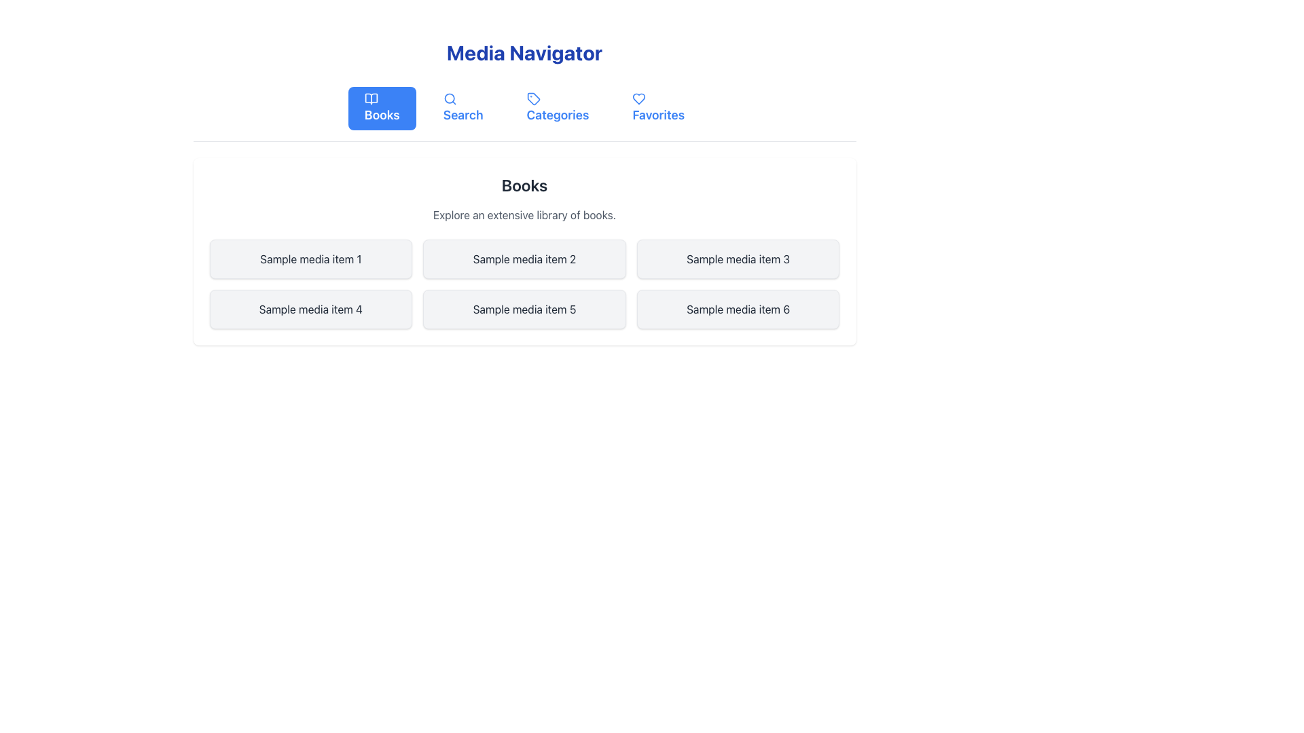 The height and width of the screenshot is (733, 1304). Describe the element at coordinates (463, 107) in the screenshot. I see `the second button in the horizontal navigation menu` at that location.